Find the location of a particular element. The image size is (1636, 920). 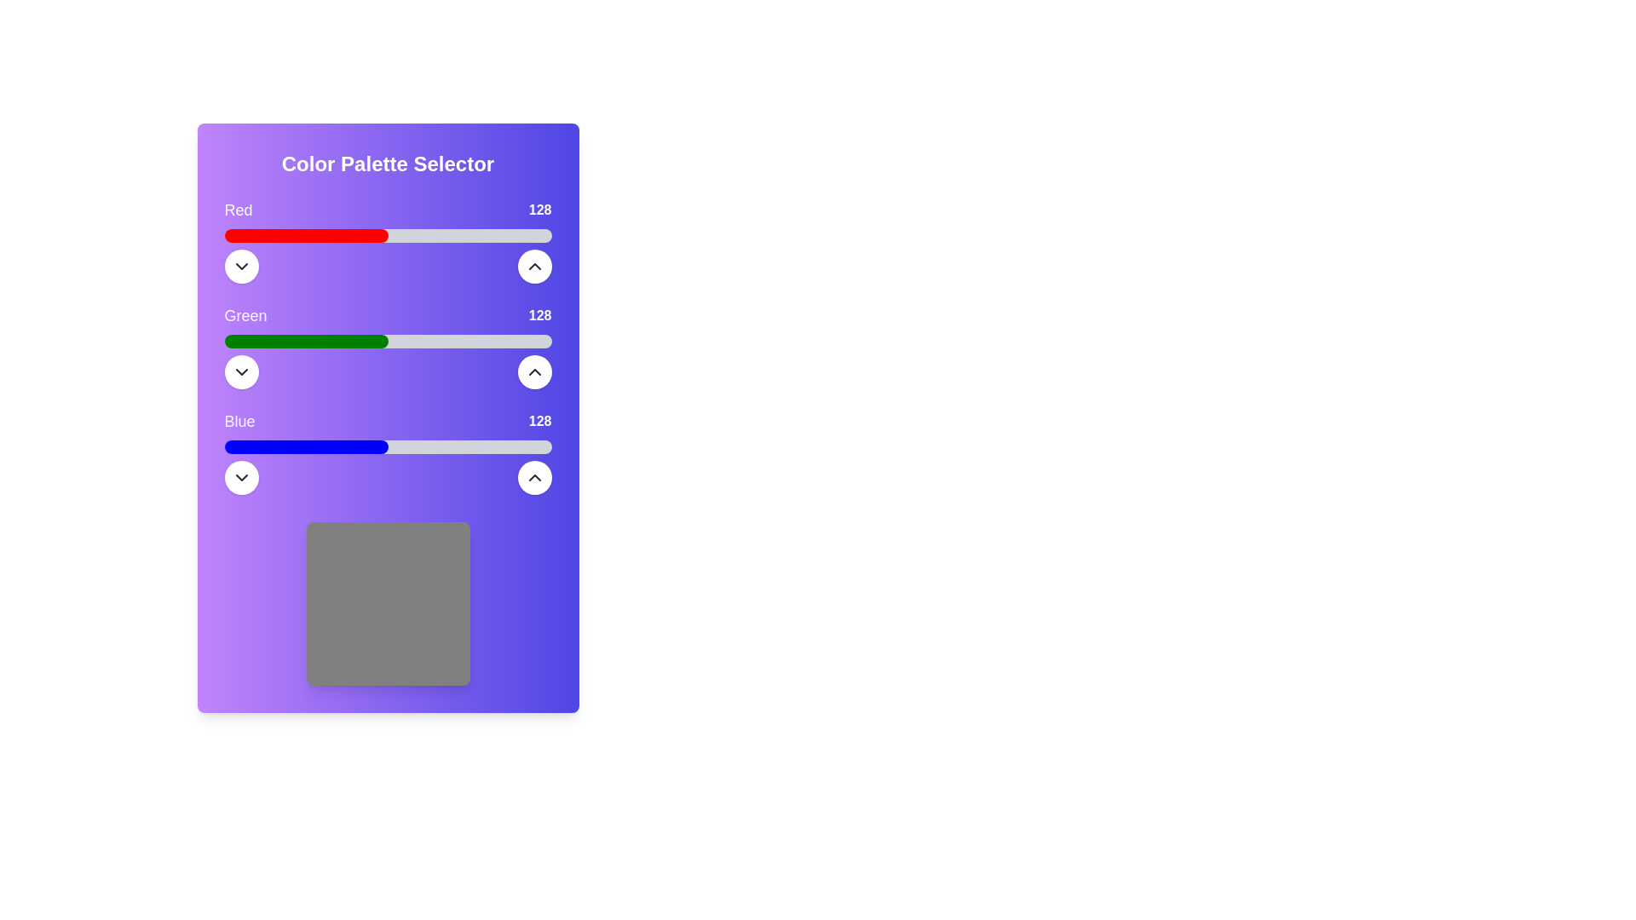

the Static text component displaying 'Red' on a gradient purple background, which is the first item in the color selectors stack is located at coordinates (387, 209).